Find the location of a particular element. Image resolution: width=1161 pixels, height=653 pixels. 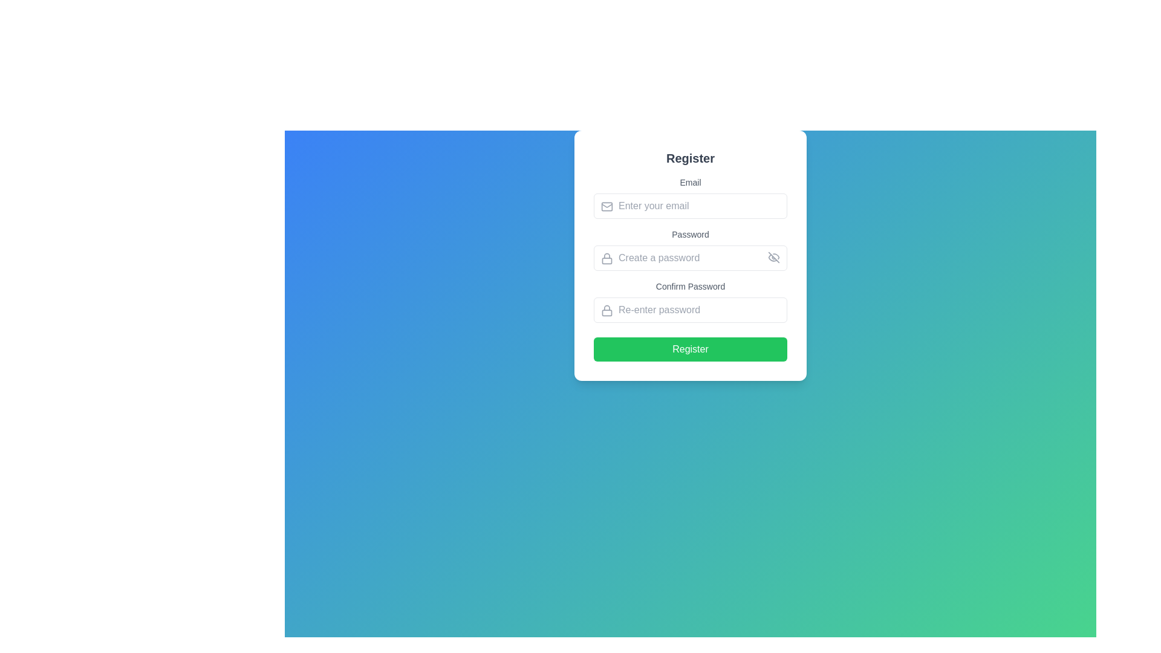

the static text label reading 'Confirm Password', which is styled in a small gray font and positioned above the 'Re-enter password' input field is located at coordinates (691, 287).